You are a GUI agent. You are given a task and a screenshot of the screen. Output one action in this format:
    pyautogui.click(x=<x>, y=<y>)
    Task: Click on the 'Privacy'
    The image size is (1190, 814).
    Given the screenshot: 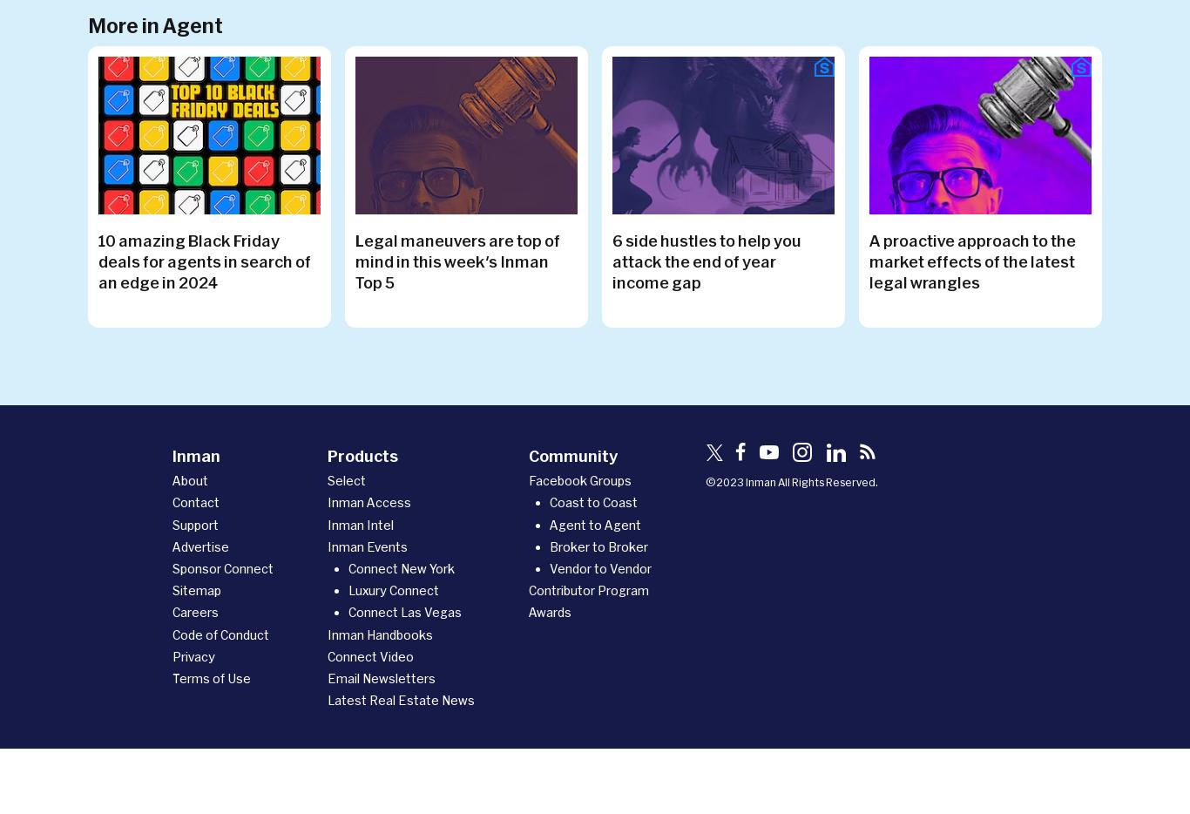 What is the action you would take?
    pyautogui.click(x=193, y=655)
    